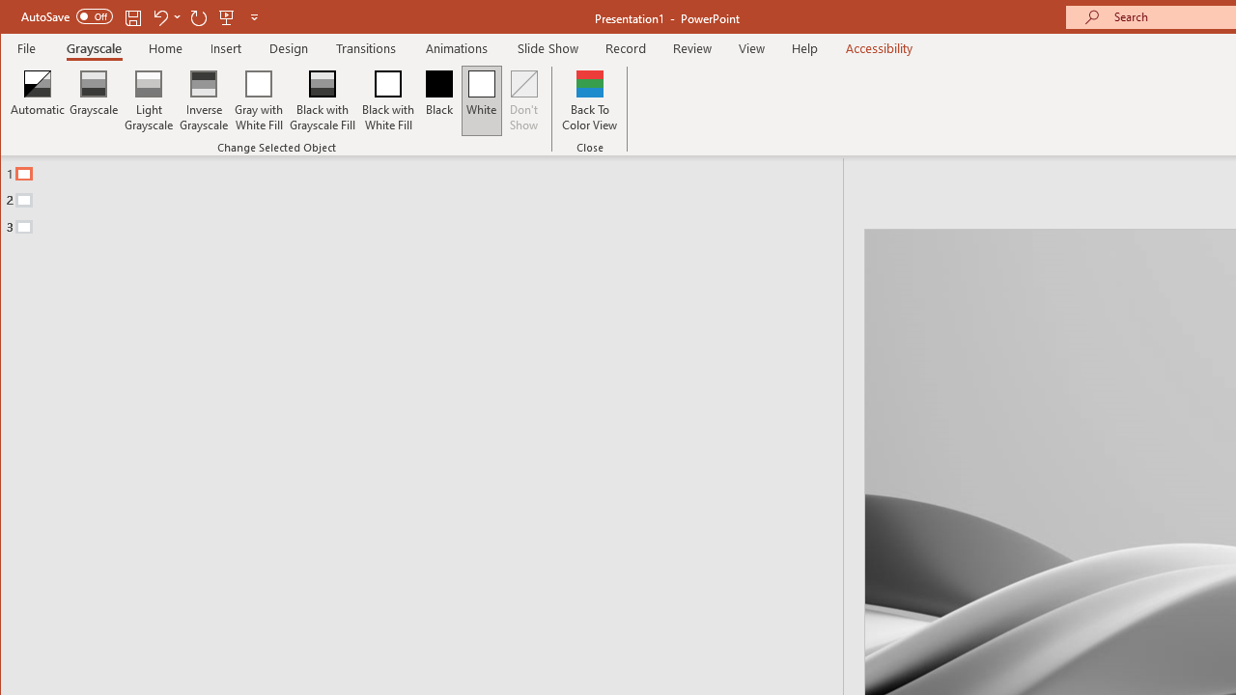 This screenshot has width=1236, height=695. Describe the element at coordinates (589, 100) in the screenshot. I see `'Back To Color View'` at that location.